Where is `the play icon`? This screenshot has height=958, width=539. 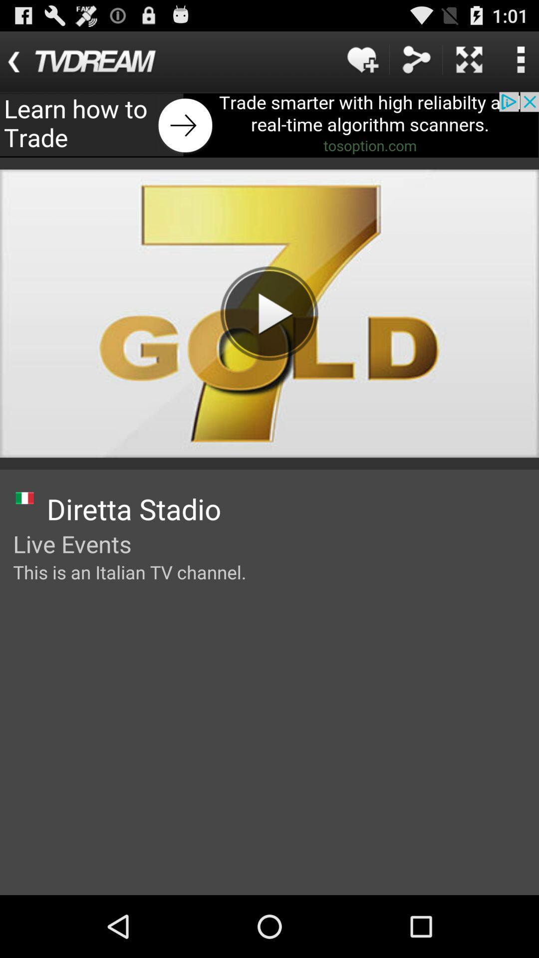 the play icon is located at coordinates (269, 313).